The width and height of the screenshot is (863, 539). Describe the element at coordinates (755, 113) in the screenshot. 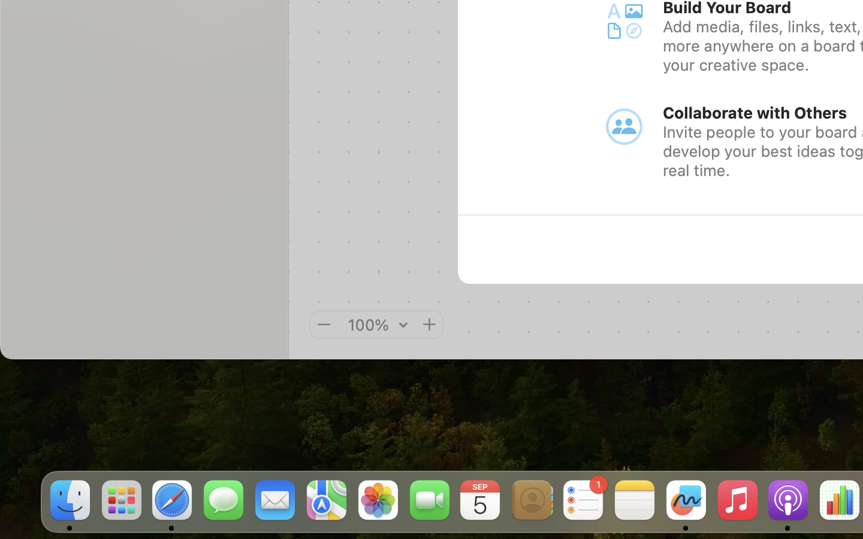

I see `'Collaborate with Others'` at that location.